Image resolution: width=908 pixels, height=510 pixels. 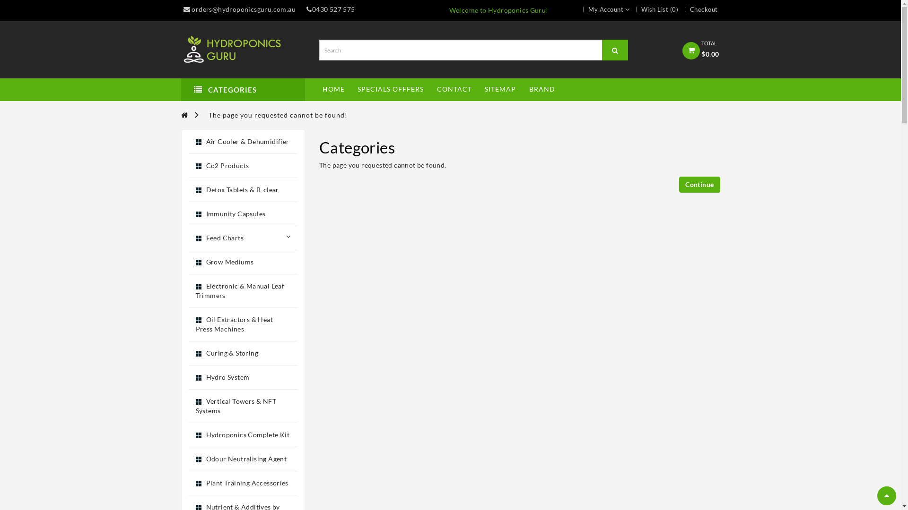 What do you see at coordinates (886, 495) in the screenshot?
I see `'Scroll to Top'` at bounding box center [886, 495].